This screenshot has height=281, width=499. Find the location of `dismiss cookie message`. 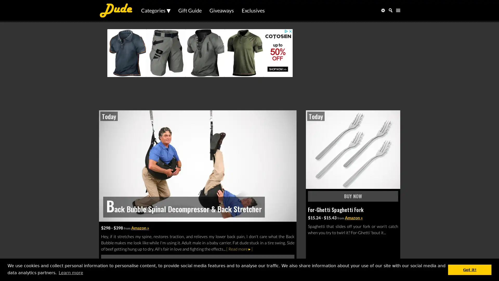

dismiss cookie message is located at coordinates (470, 269).